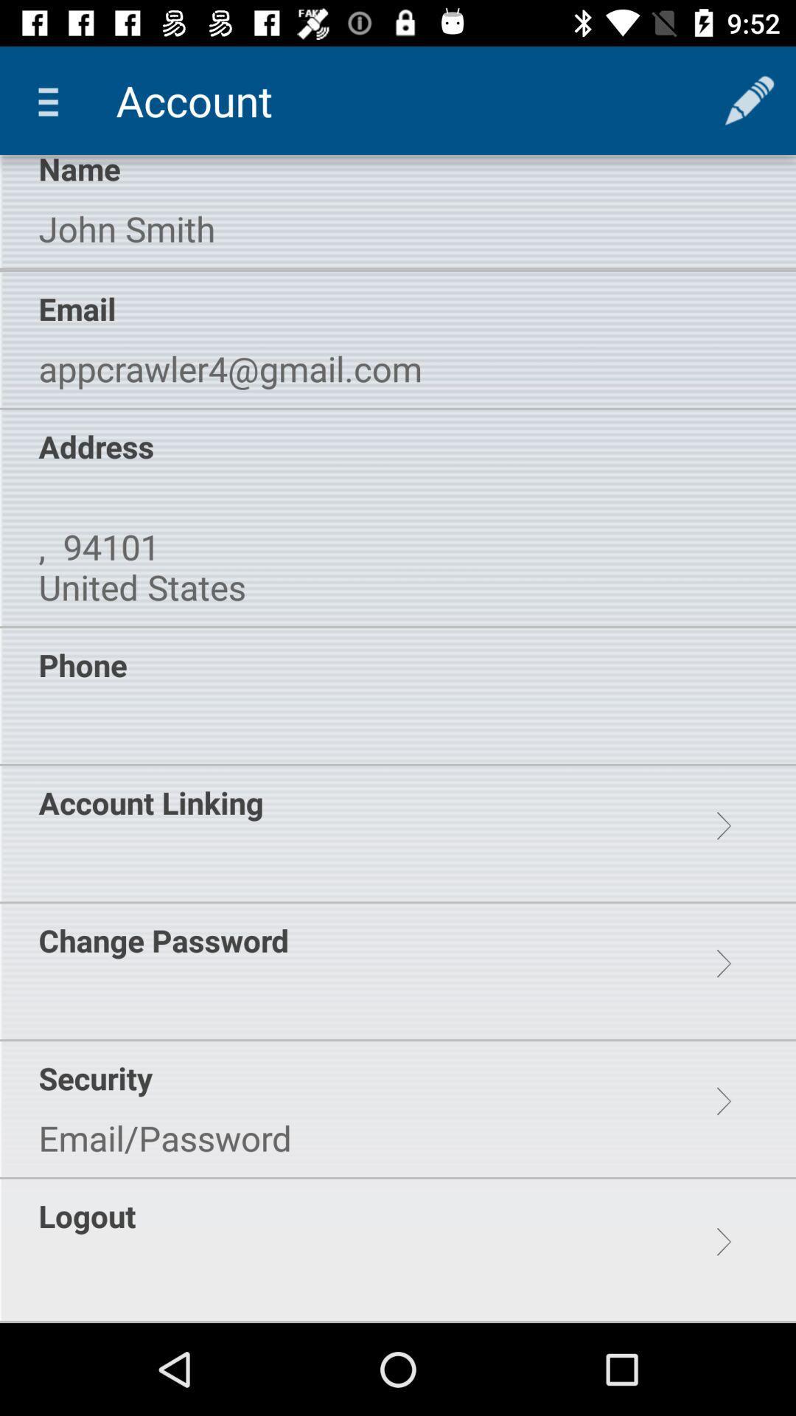 This screenshot has width=796, height=1416. What do you see at coordinates (53, 100) in the screenshot?
I see `the item above the name icon` at bounding box center [53, 100].